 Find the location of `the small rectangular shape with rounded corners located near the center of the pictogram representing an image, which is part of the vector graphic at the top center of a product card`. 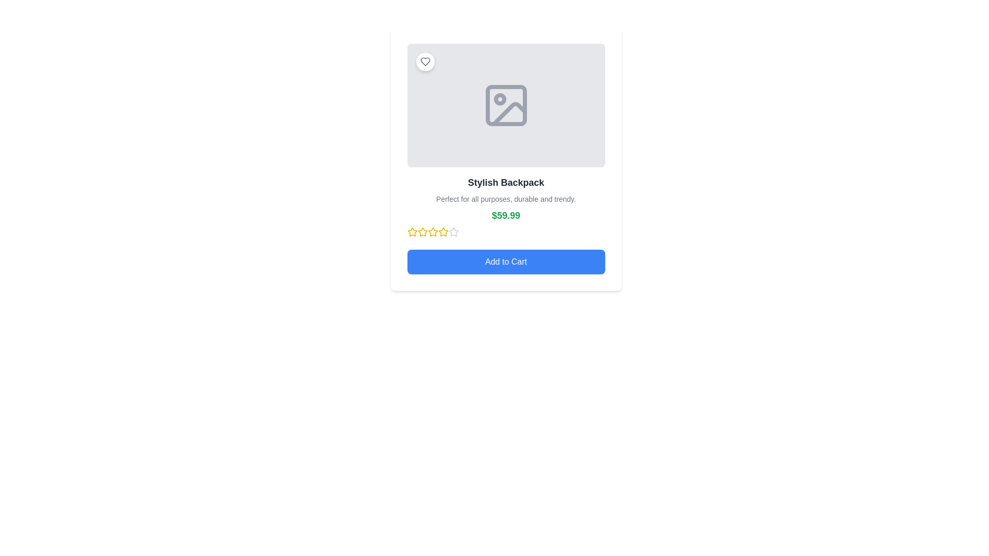

the small rectangular shape with rounded corners located near the center of the pictogram representing an image, which is part of the vector graphic at the top center of a product card is located at coordinates (506, 105).